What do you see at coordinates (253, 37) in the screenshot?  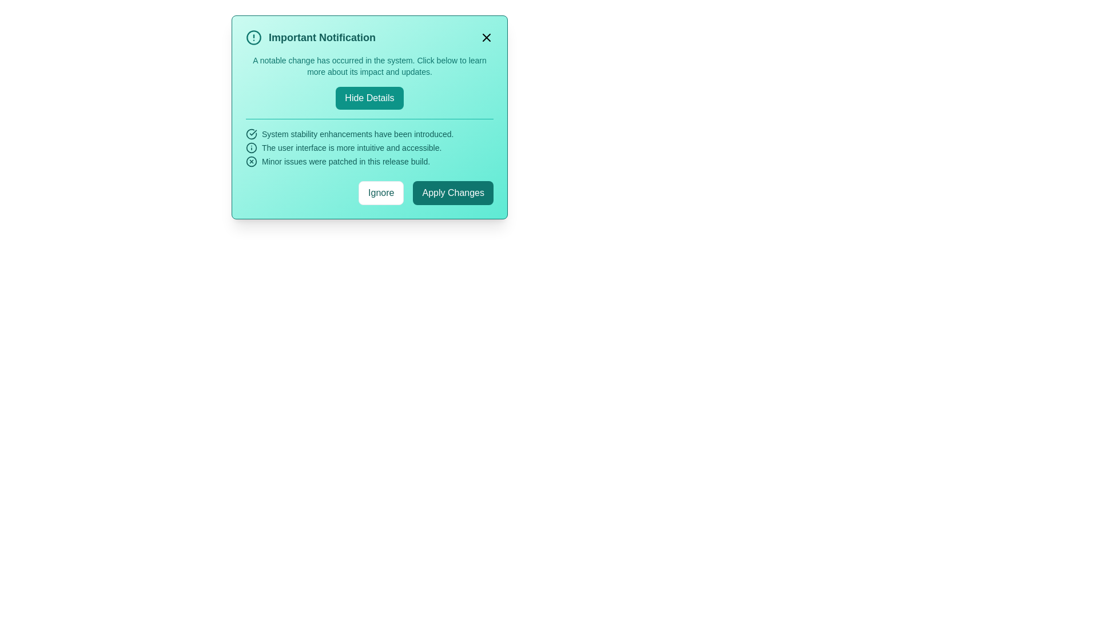 I see `the turquoise circular icon with a visible border, located adjacent to the left of the text 'Important Notification'` at bounding box center [253, 37].